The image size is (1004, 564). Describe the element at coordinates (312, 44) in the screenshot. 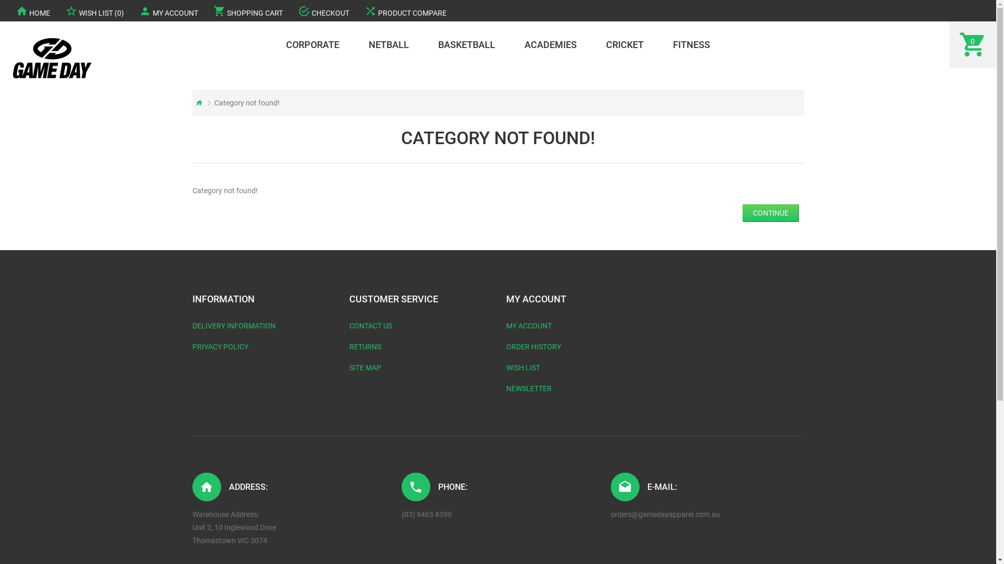

I see `'CORPORATE'` at that location.